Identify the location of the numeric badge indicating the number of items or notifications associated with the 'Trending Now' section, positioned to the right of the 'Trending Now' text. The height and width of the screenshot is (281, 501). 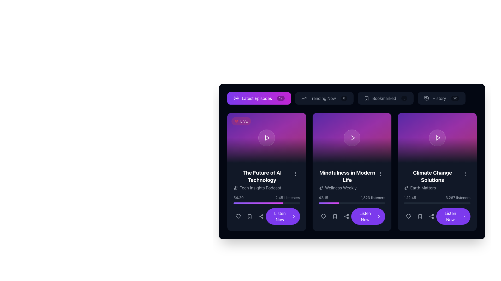
(344, 98).